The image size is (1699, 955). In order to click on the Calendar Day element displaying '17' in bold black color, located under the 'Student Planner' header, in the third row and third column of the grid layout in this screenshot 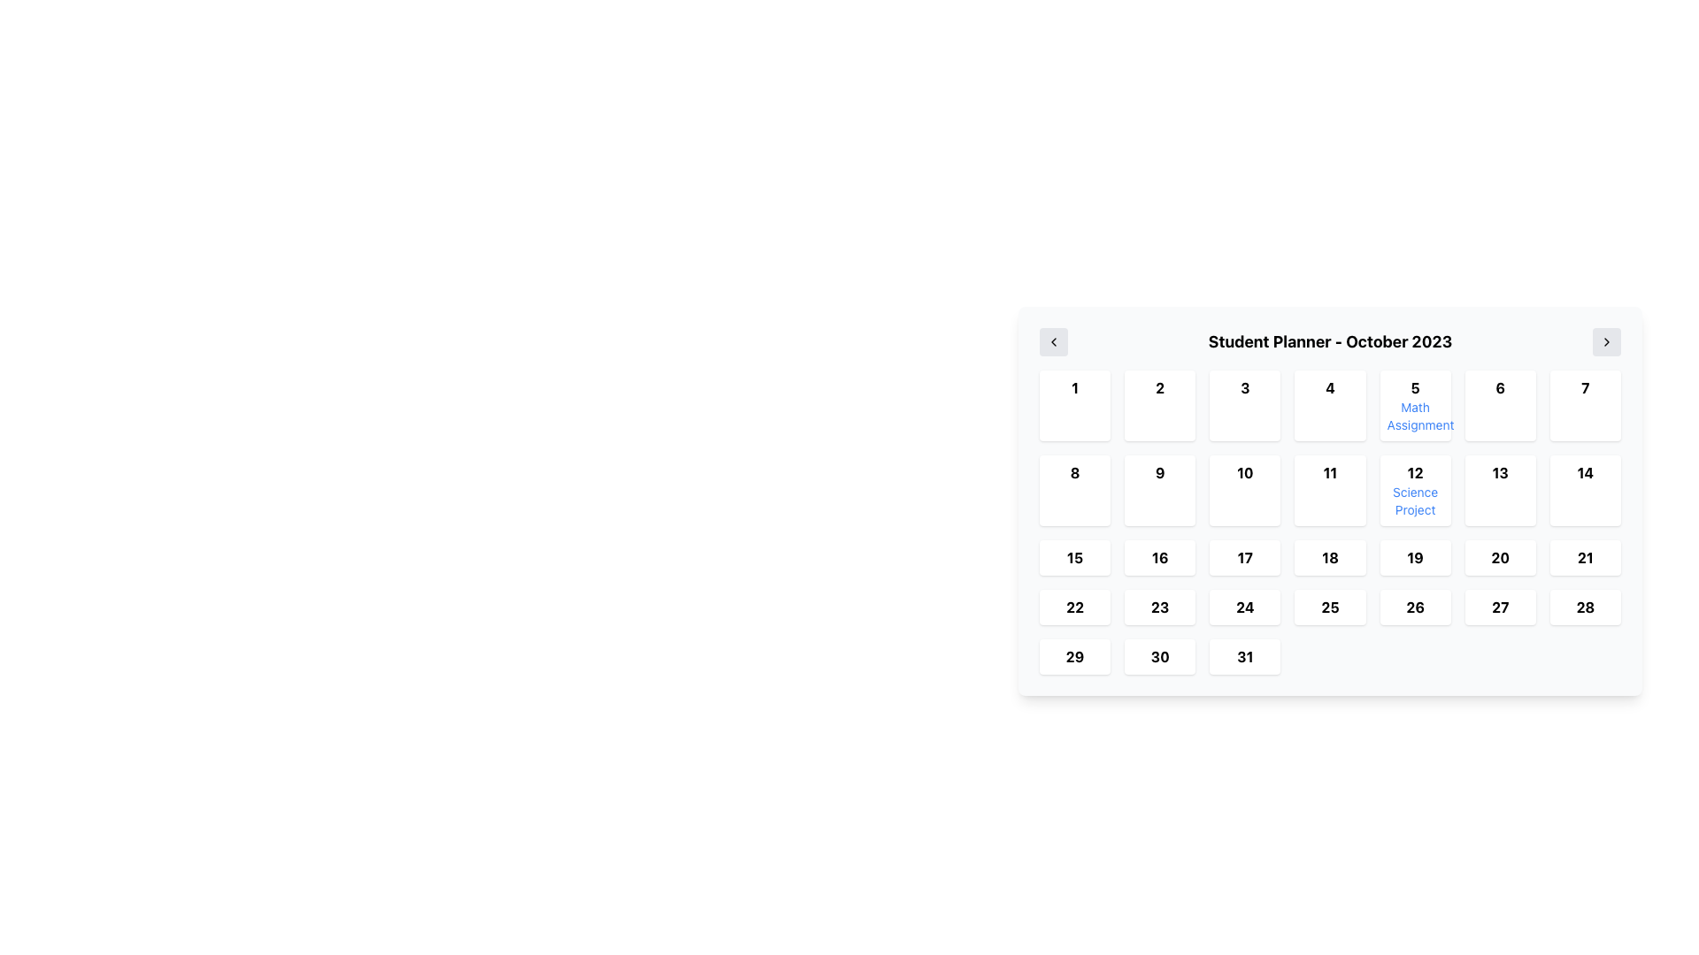, I will do `click(1244, 558)`.